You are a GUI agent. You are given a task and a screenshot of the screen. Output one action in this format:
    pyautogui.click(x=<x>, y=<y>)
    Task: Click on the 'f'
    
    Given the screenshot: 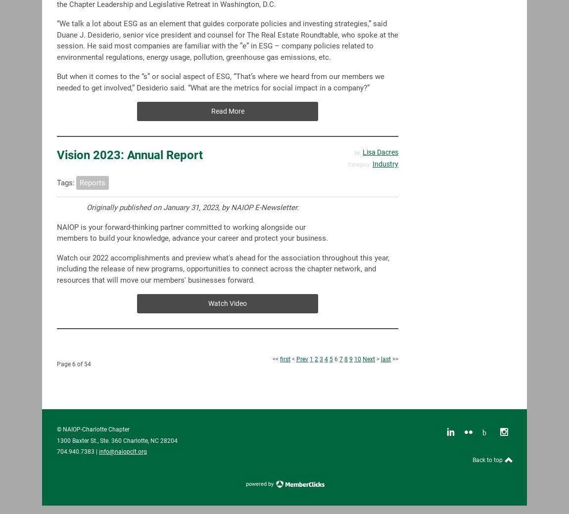 What is the action you would take?
    pyautogui.click(x=105, y=226)
    